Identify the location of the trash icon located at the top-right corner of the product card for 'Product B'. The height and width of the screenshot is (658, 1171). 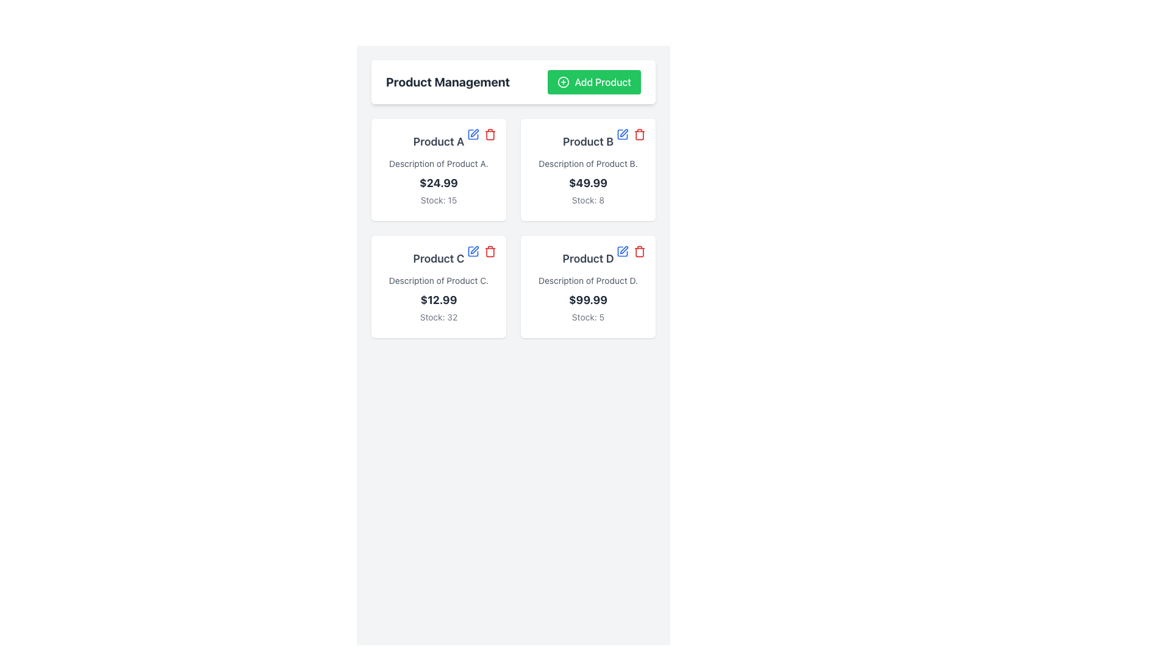
(639, 134).